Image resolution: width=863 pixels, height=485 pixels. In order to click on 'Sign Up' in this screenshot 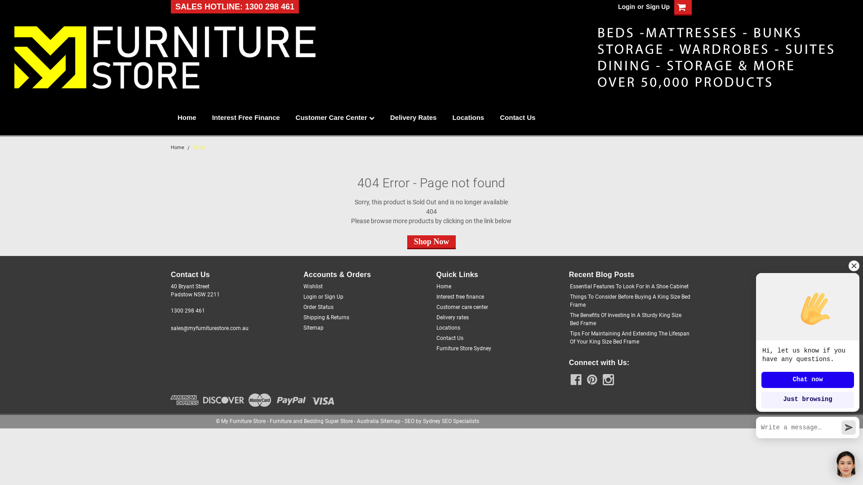, I will do `click(643, 7)`.